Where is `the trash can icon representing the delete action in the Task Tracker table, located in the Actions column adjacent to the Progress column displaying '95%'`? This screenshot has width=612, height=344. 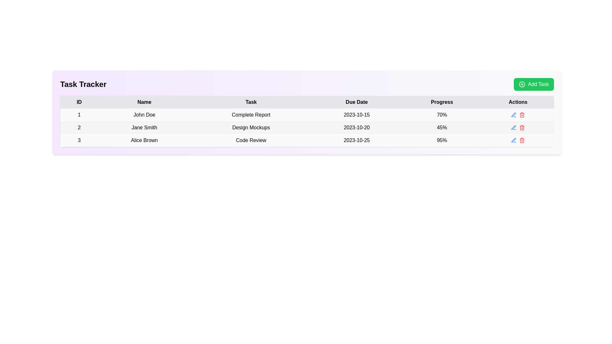 the trash can icon representing the delete action in the Task Tracker table, located in the Actions column adjacent to the Progress column displaying '95%' is located at coordinates (522, 115).